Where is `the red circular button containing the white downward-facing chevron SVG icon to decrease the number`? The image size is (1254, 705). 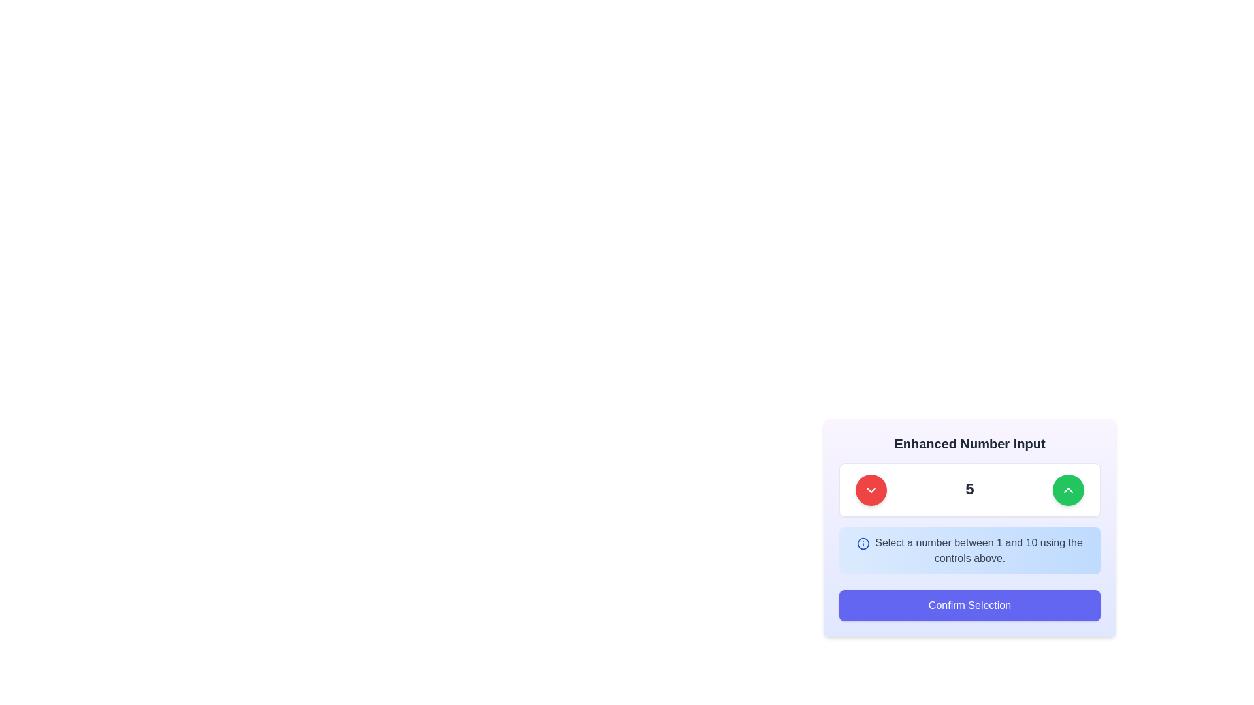 the red circular button containing the white downward-facing chevron SVG icon to decrease the number is located at coordinates (871, 490).